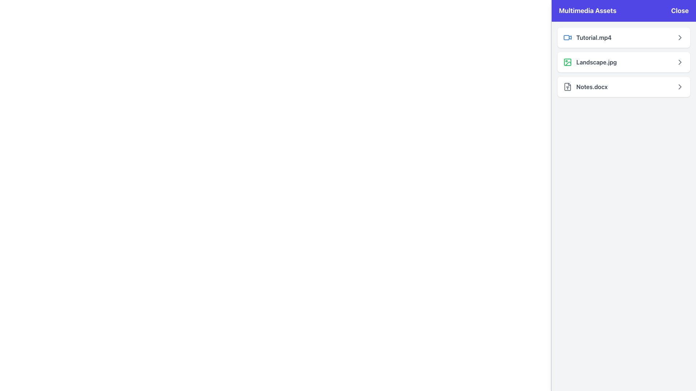  Describe the element at coordinates (623, 86) in the screenshot. I see `the third list item in the sidebar that contains the file name 'Notes.docx'` at that location.